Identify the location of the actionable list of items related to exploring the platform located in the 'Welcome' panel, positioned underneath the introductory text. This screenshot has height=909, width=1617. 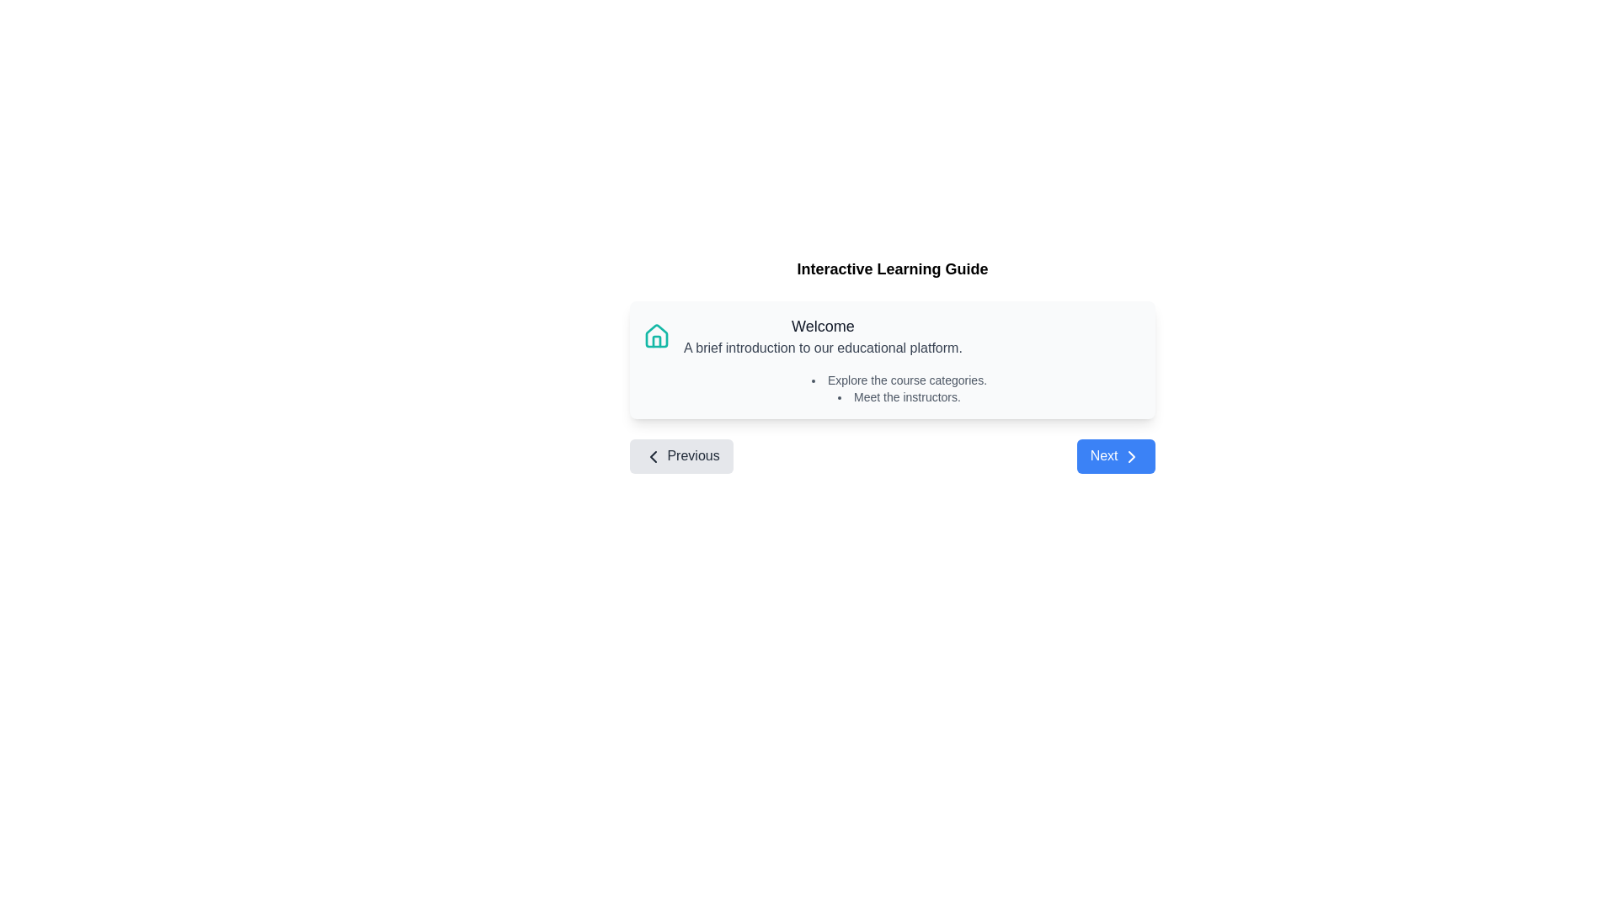
(892, 389).